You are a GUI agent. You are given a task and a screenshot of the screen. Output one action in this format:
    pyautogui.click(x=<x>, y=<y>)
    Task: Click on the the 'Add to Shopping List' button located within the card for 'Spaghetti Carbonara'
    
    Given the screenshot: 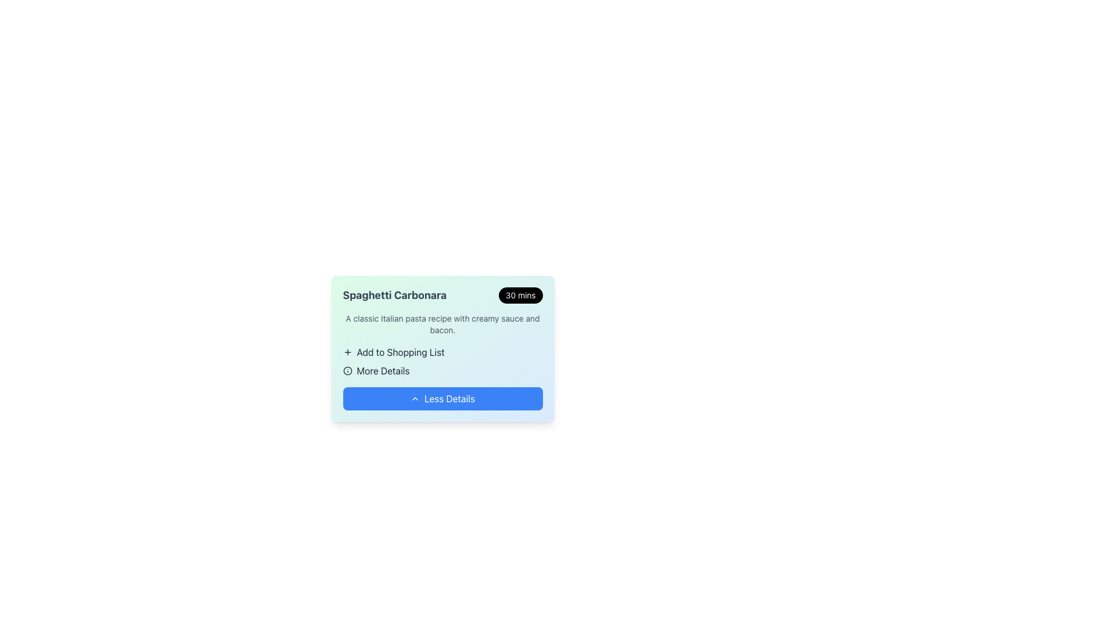 What is the action you would take?
    pyautogui.click(x=442, y=361)
    